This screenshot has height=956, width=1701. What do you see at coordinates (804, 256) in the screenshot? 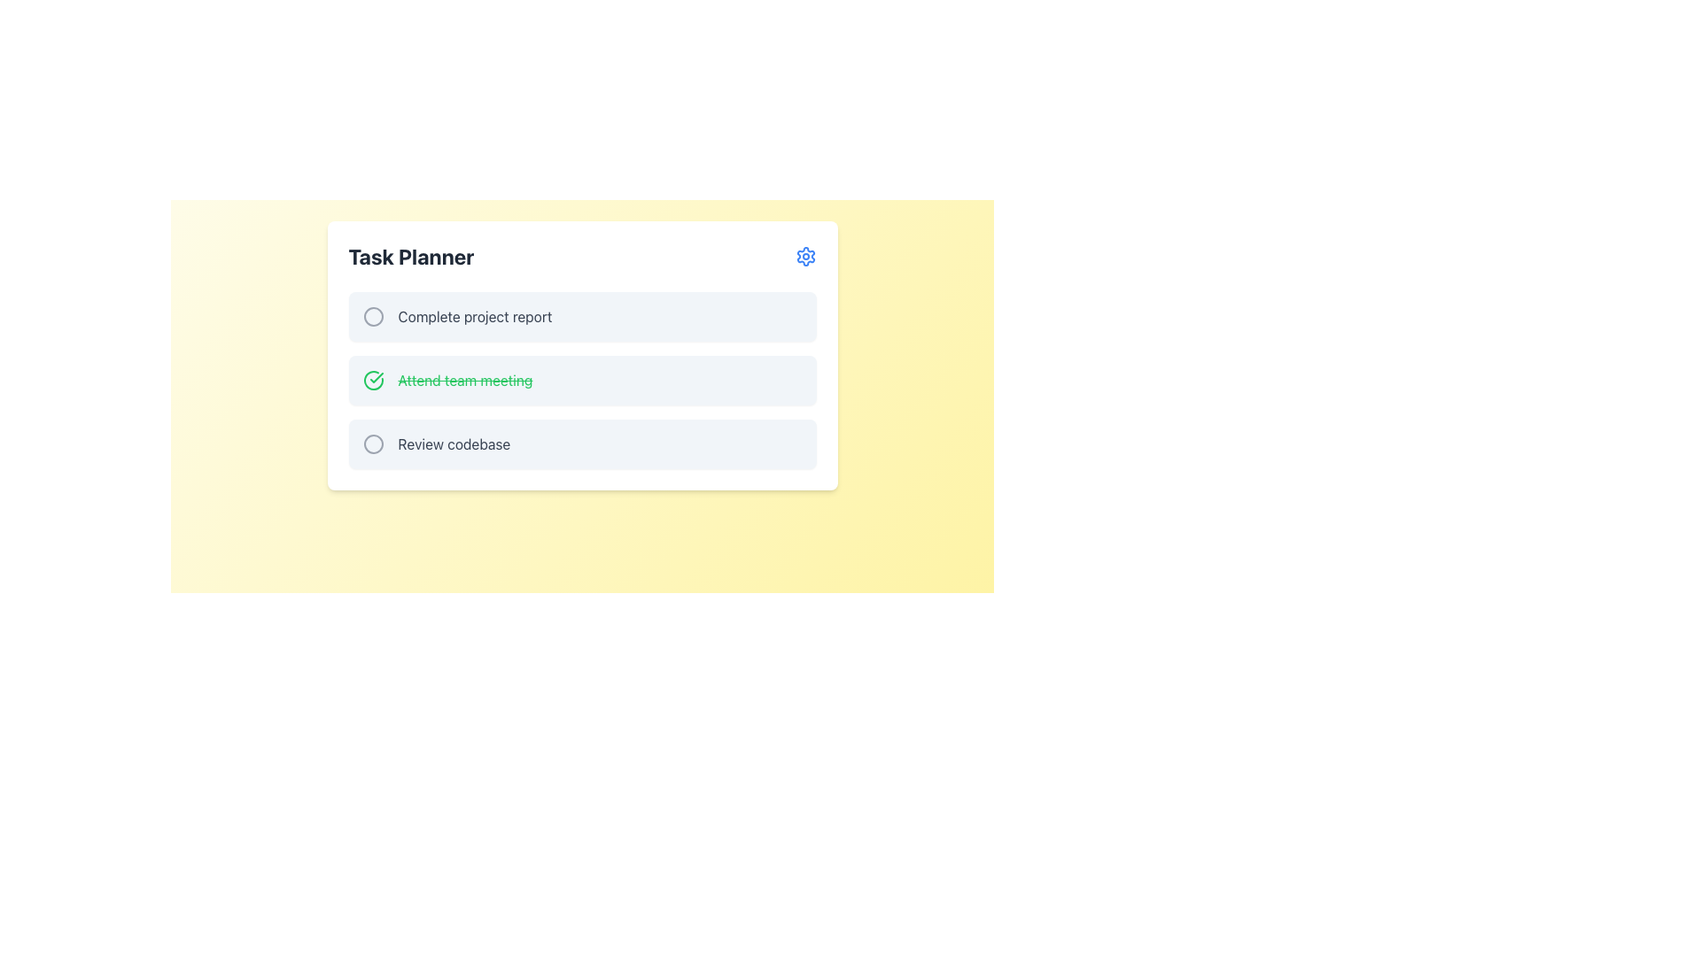
I see `the settings icon located in the top-right corner of the 'Task Planner' card` at bounding box center [804, 256].